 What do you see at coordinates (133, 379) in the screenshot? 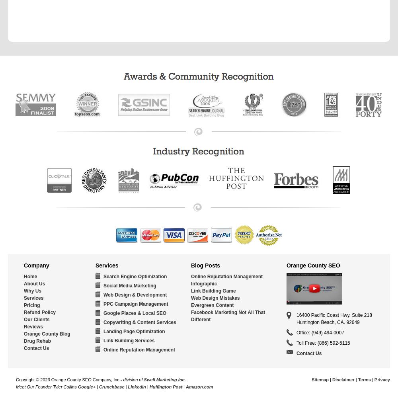
I see `'division of'` at bounding box center [133, 379].